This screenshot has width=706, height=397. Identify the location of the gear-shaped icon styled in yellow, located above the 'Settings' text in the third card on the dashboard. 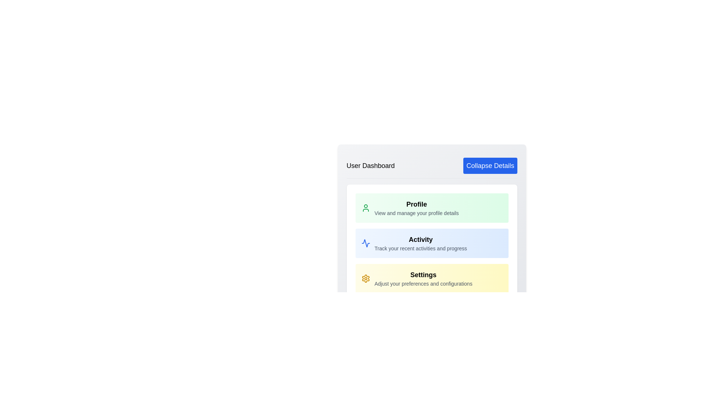
(366, 279).